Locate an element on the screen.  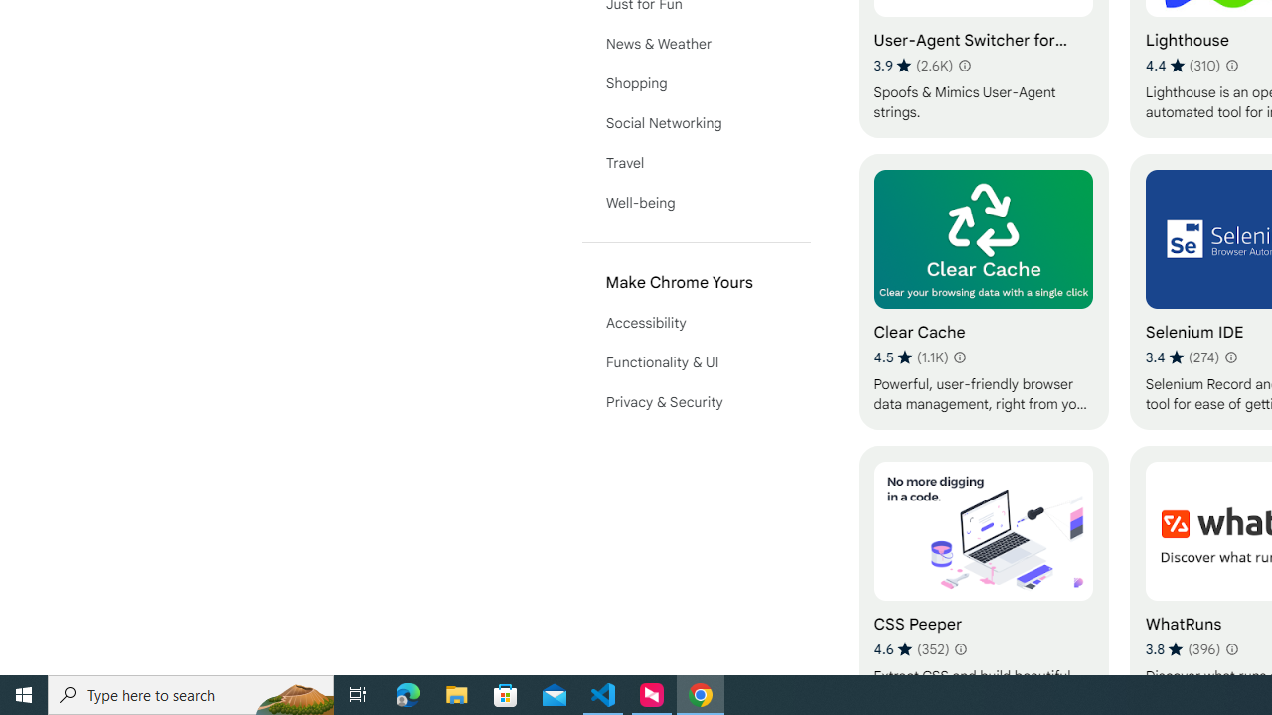
'Average rating 4.6 out of 5 stars. 352 ratings.' is located at coordinates (910, 648).